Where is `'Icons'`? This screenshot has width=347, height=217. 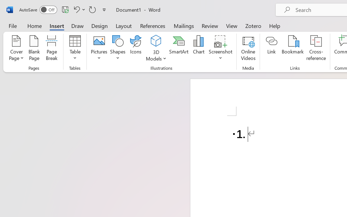 'Icons' is located at coordinates (136, 49).